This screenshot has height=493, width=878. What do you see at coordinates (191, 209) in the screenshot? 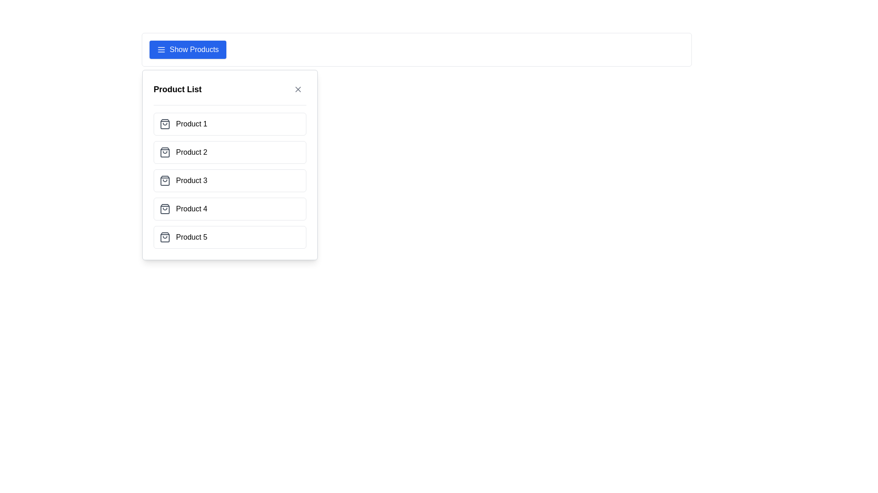
I see `text of the label displaying 'Product 4', which is the fourth entry in the 'Product List' modal, adjacent to a shopping bag icon` at bounding box center [191, 209].